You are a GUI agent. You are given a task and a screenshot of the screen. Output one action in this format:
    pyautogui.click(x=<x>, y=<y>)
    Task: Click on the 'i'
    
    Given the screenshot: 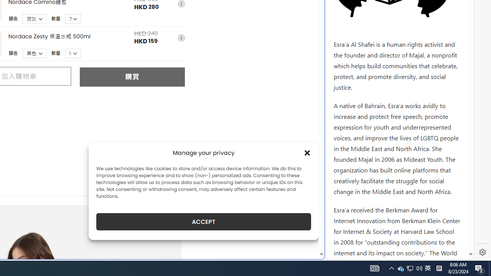 What is the action you would take?
    pyautogui.click(x=181, y=38)
    